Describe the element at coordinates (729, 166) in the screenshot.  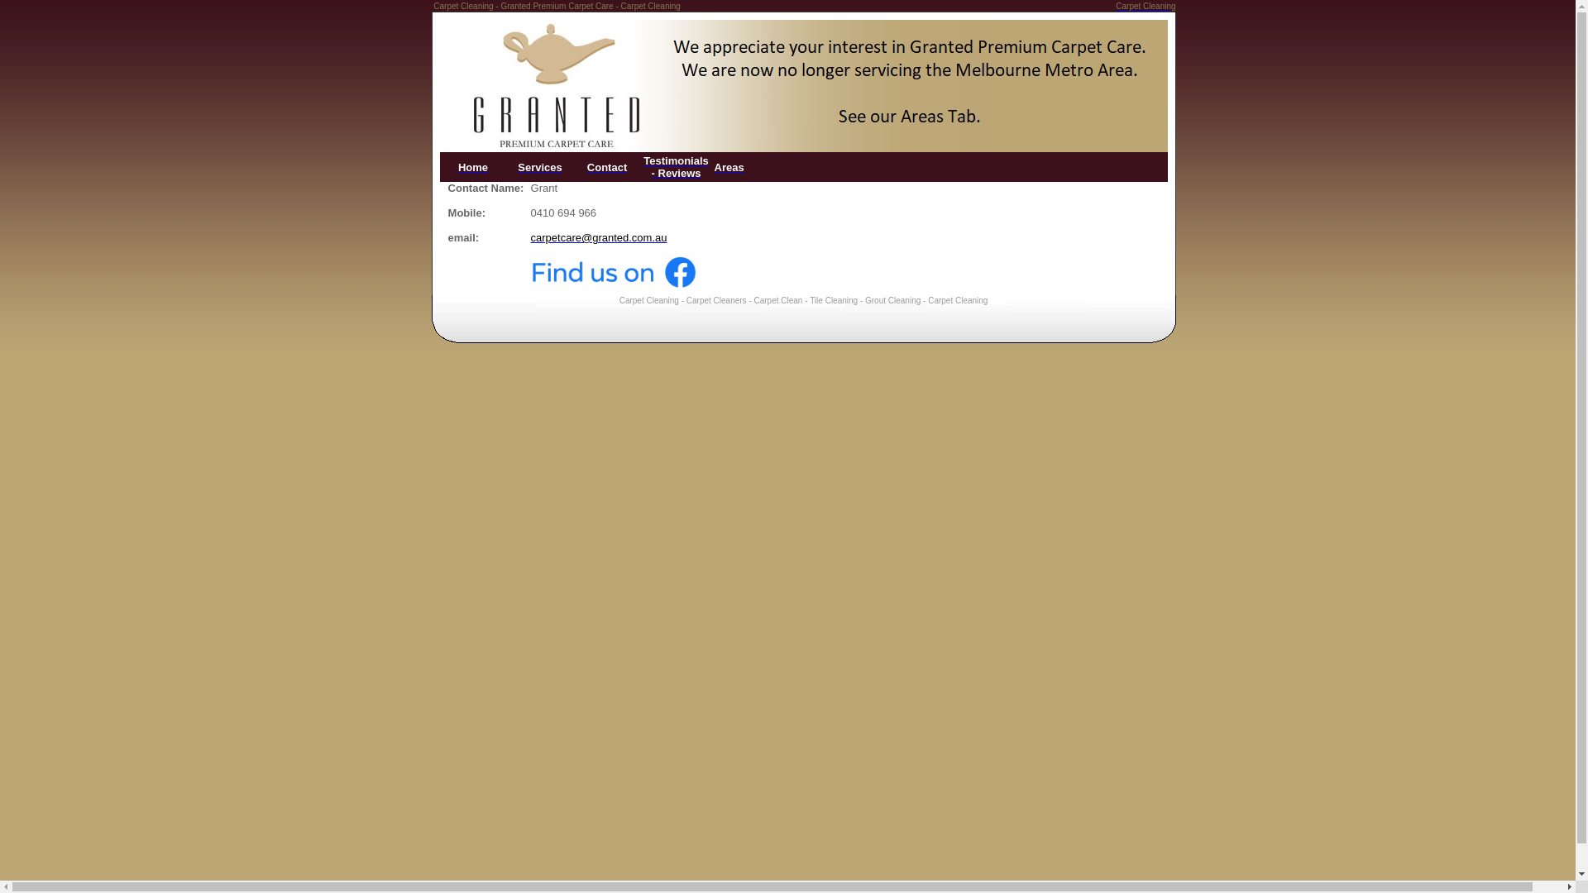
I see `'Areas'` at that location.